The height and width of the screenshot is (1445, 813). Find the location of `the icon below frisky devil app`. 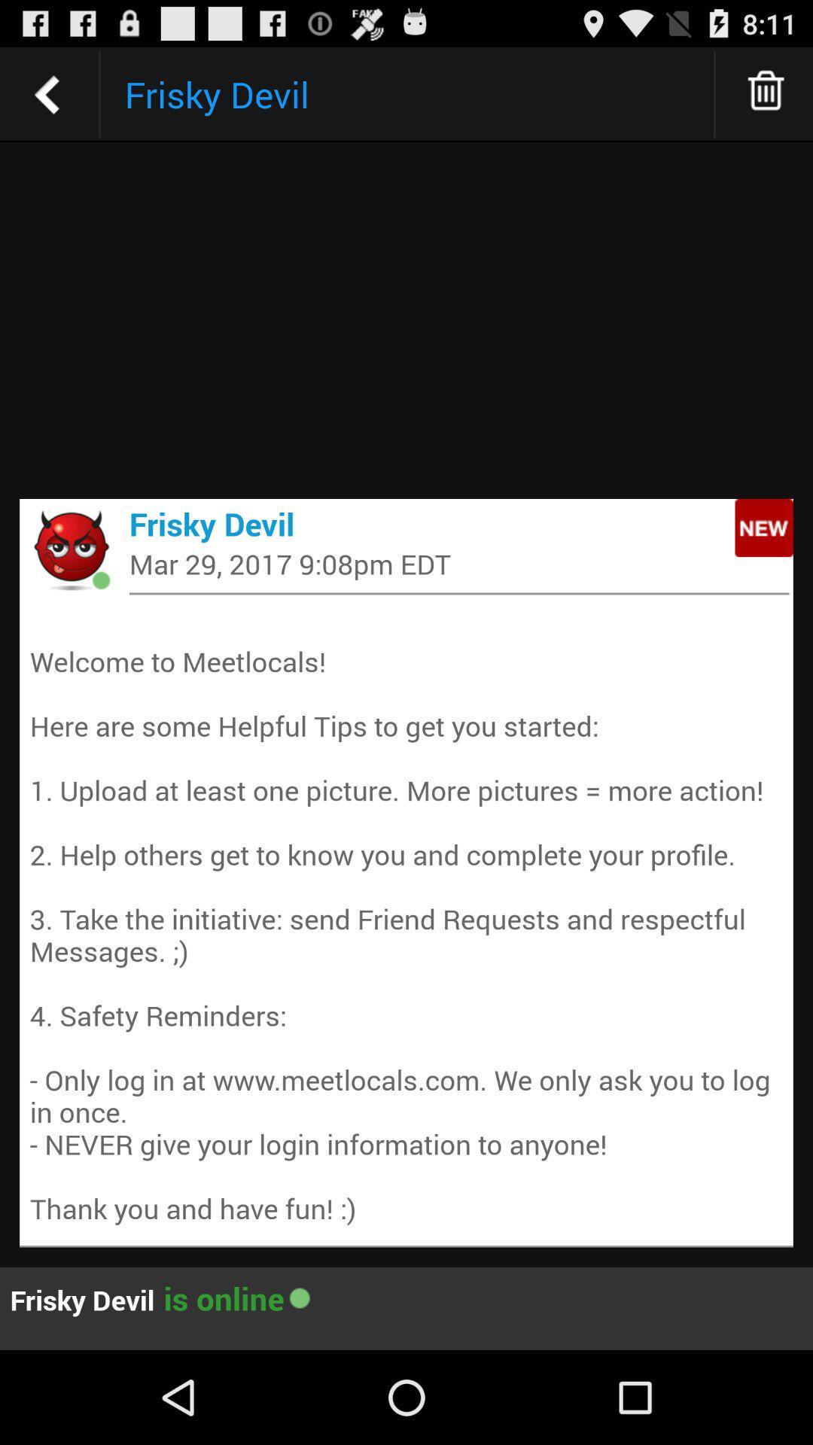

the icon below frisky devil app is located at coordinates (458, 563).